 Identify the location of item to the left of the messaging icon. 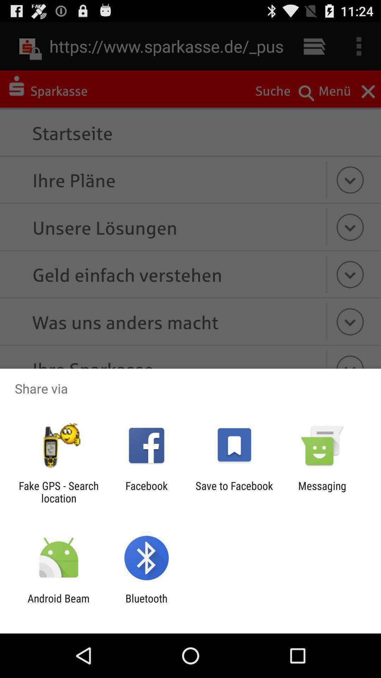
(234, 492).